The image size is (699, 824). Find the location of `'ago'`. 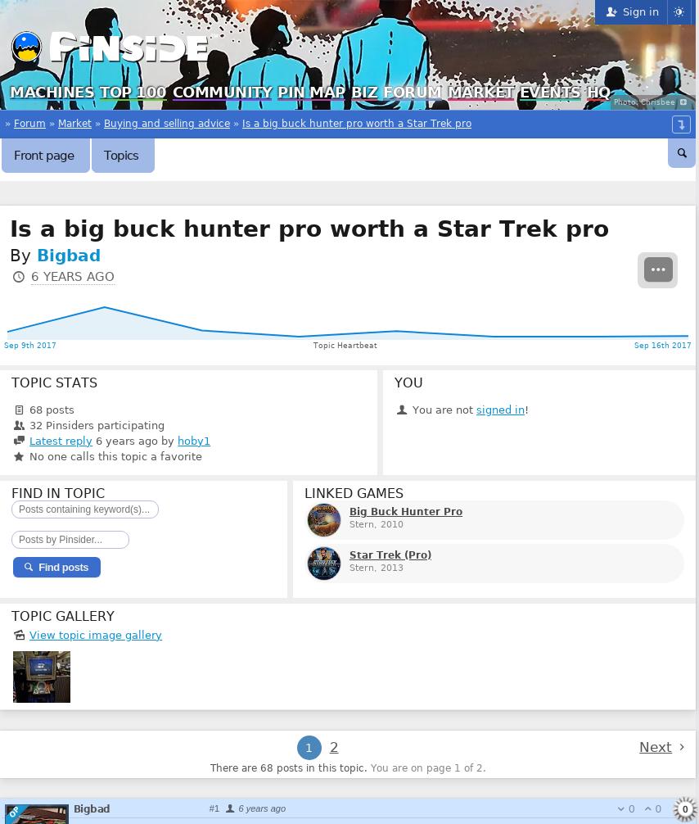

'ago' is located at coordinates (277, 807).